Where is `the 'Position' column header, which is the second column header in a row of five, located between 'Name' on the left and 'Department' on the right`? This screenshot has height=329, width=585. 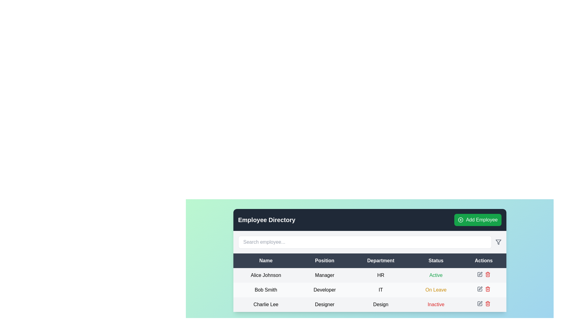 the 'Position' column header, which is the second column header in a row of five, located between 'Name' on the left and 'Department' on the right is located at coordinates (324, 260).